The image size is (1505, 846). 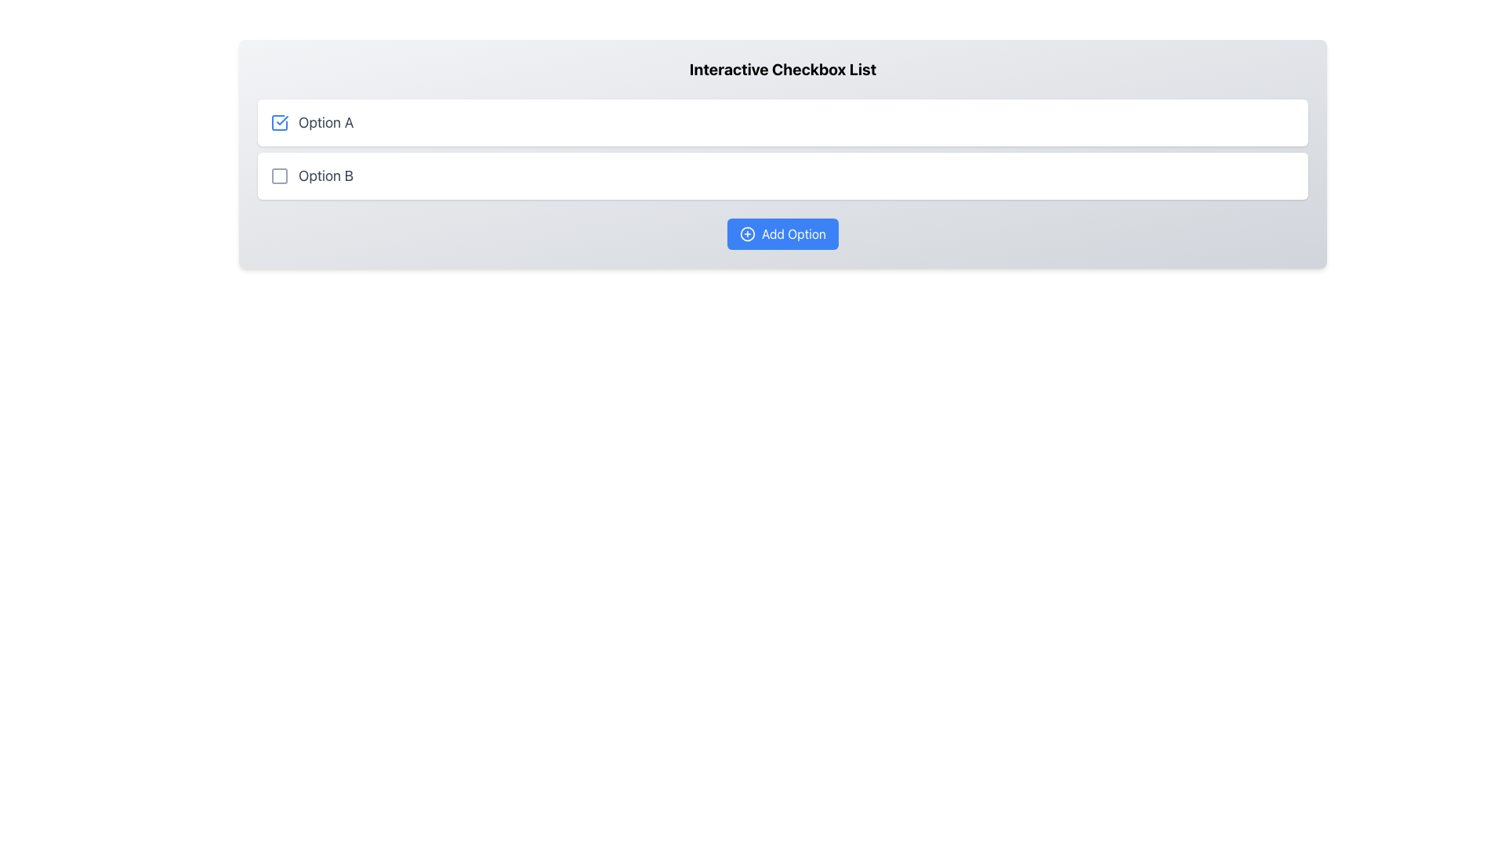 I want to click on the checkbox element located to the left of the text label 'Option B', which is a square-shaped icon with a hollow light gray appearance, so click(x=279, y=175).